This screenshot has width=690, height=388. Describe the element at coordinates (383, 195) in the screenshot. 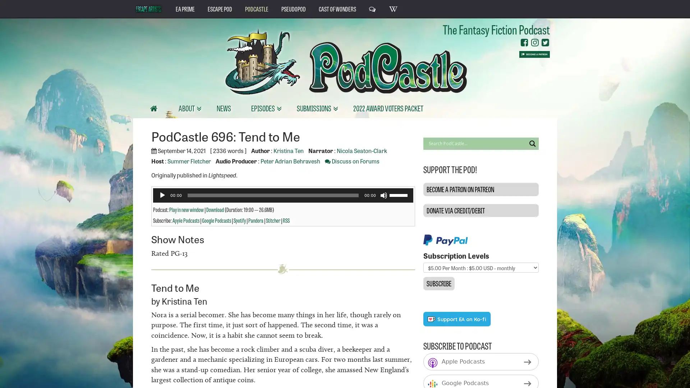

I see `Mute` at that location.